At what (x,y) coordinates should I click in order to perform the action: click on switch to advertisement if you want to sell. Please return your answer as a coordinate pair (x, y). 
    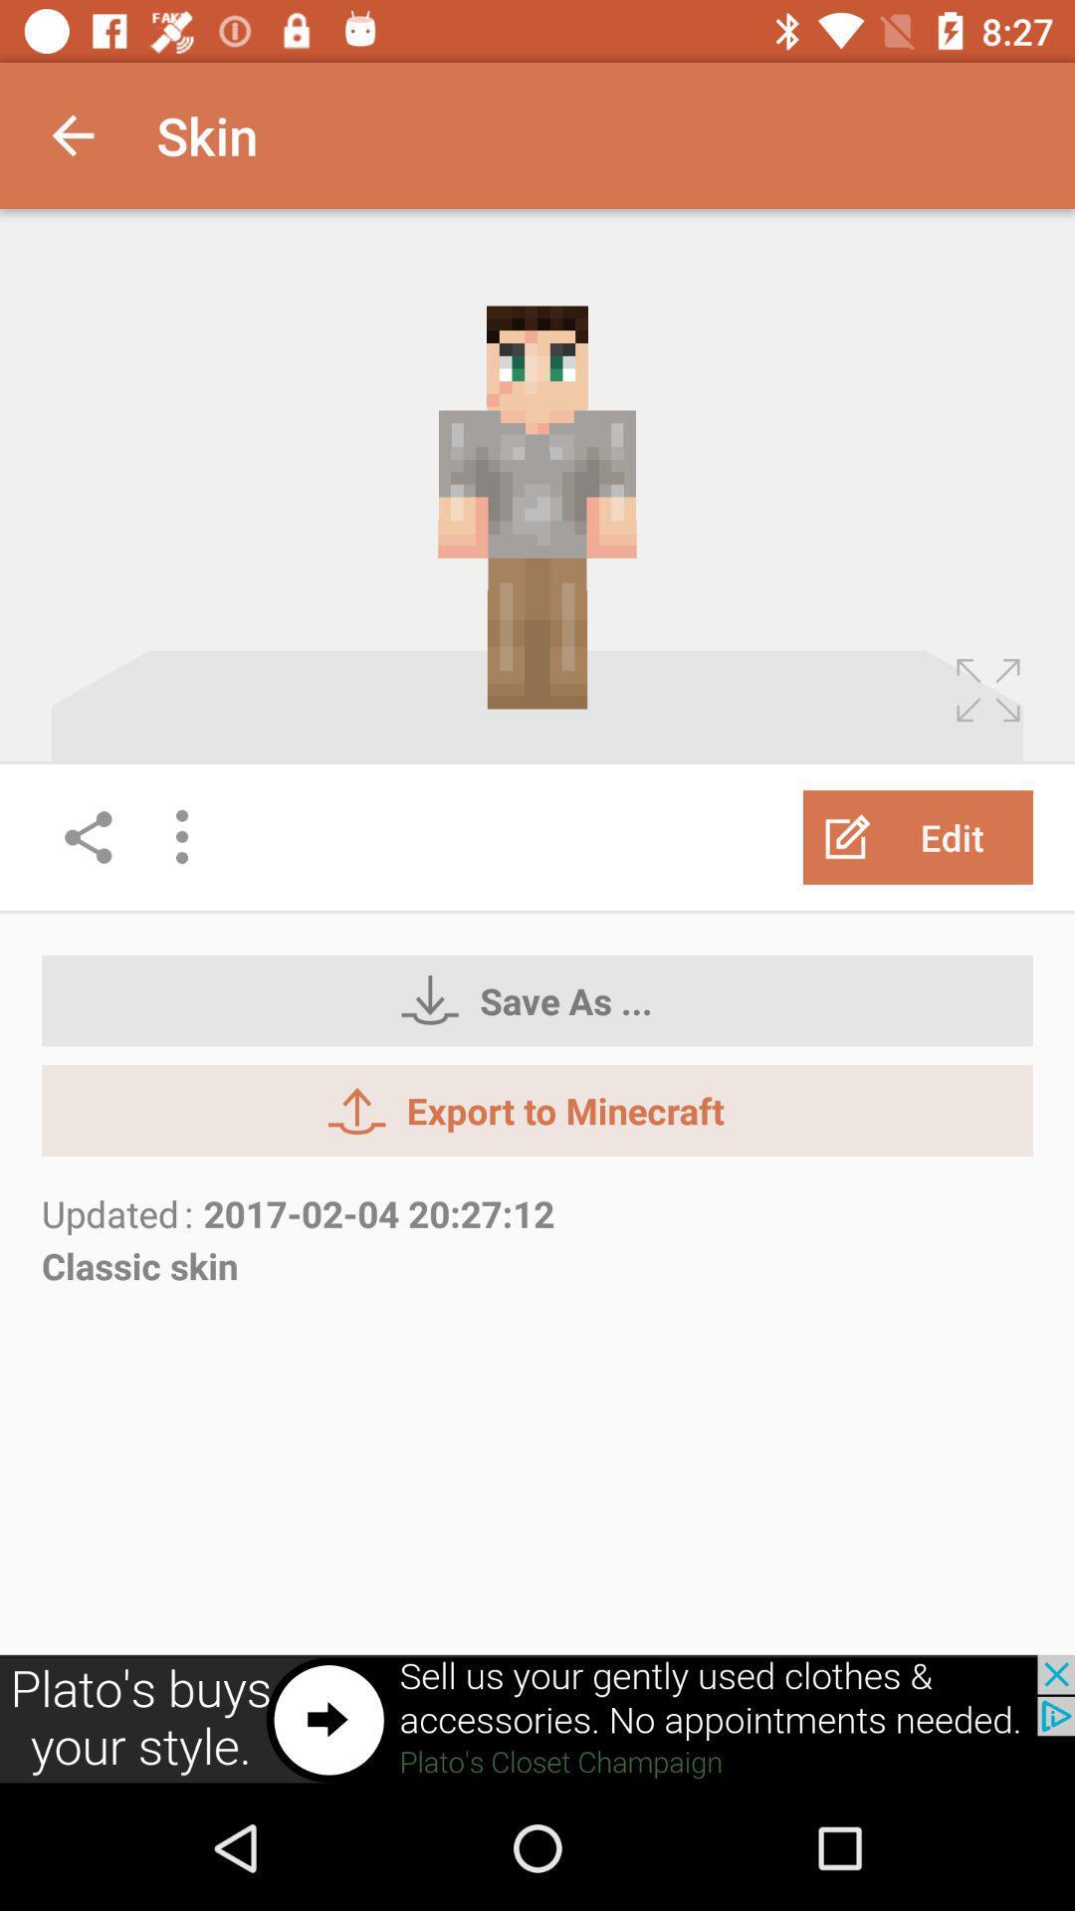
    Looking at the image, I should click on (537, 1719).